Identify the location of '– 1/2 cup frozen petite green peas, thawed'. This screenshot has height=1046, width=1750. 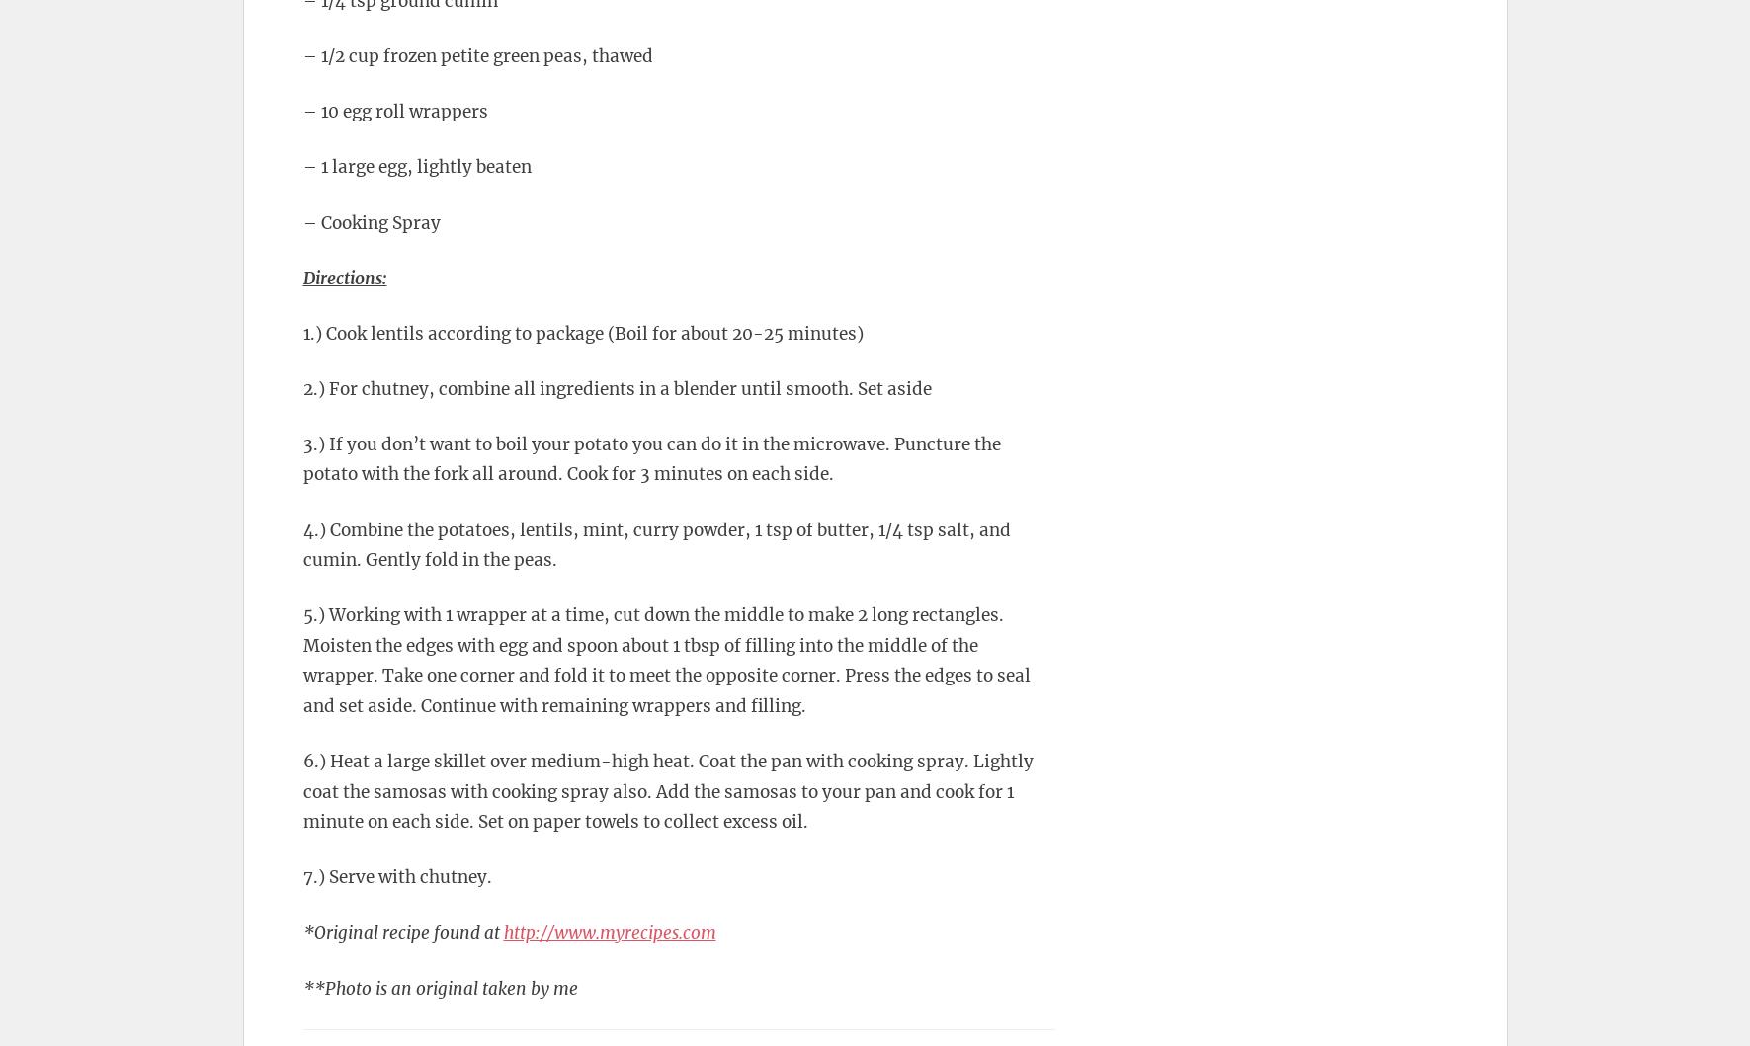
(476, 55).